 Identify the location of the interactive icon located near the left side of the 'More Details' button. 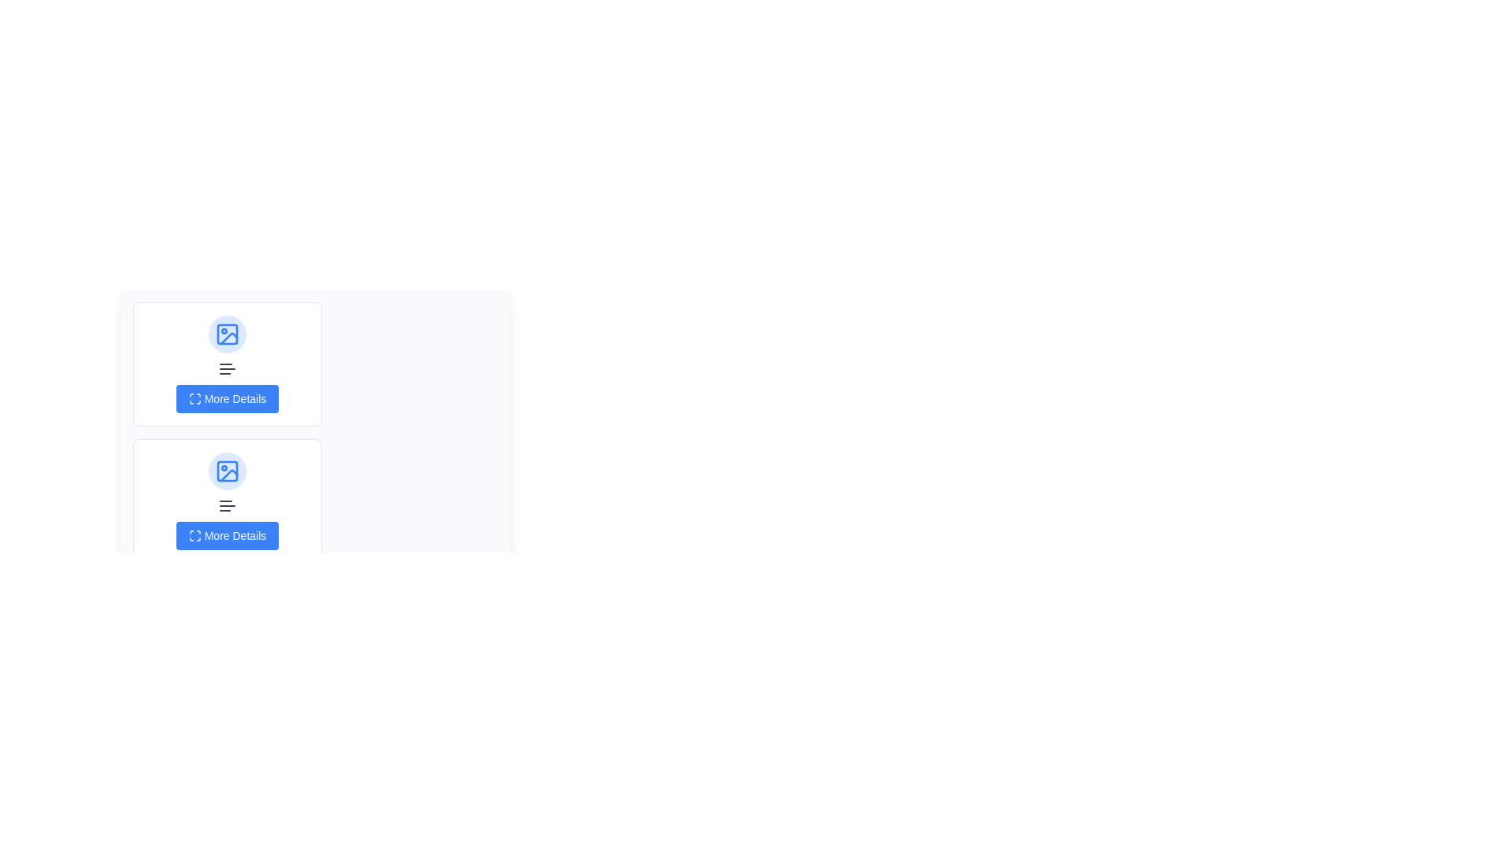
(194, 397).